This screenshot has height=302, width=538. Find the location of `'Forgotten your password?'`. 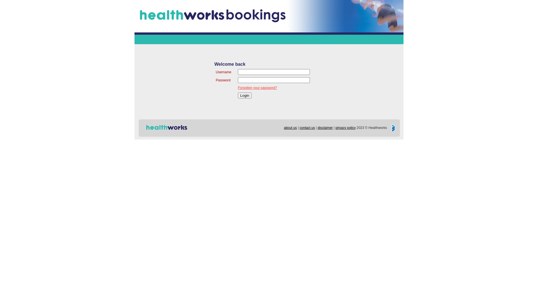

'Forgotten your password?' is located at coordinates (257, 88).